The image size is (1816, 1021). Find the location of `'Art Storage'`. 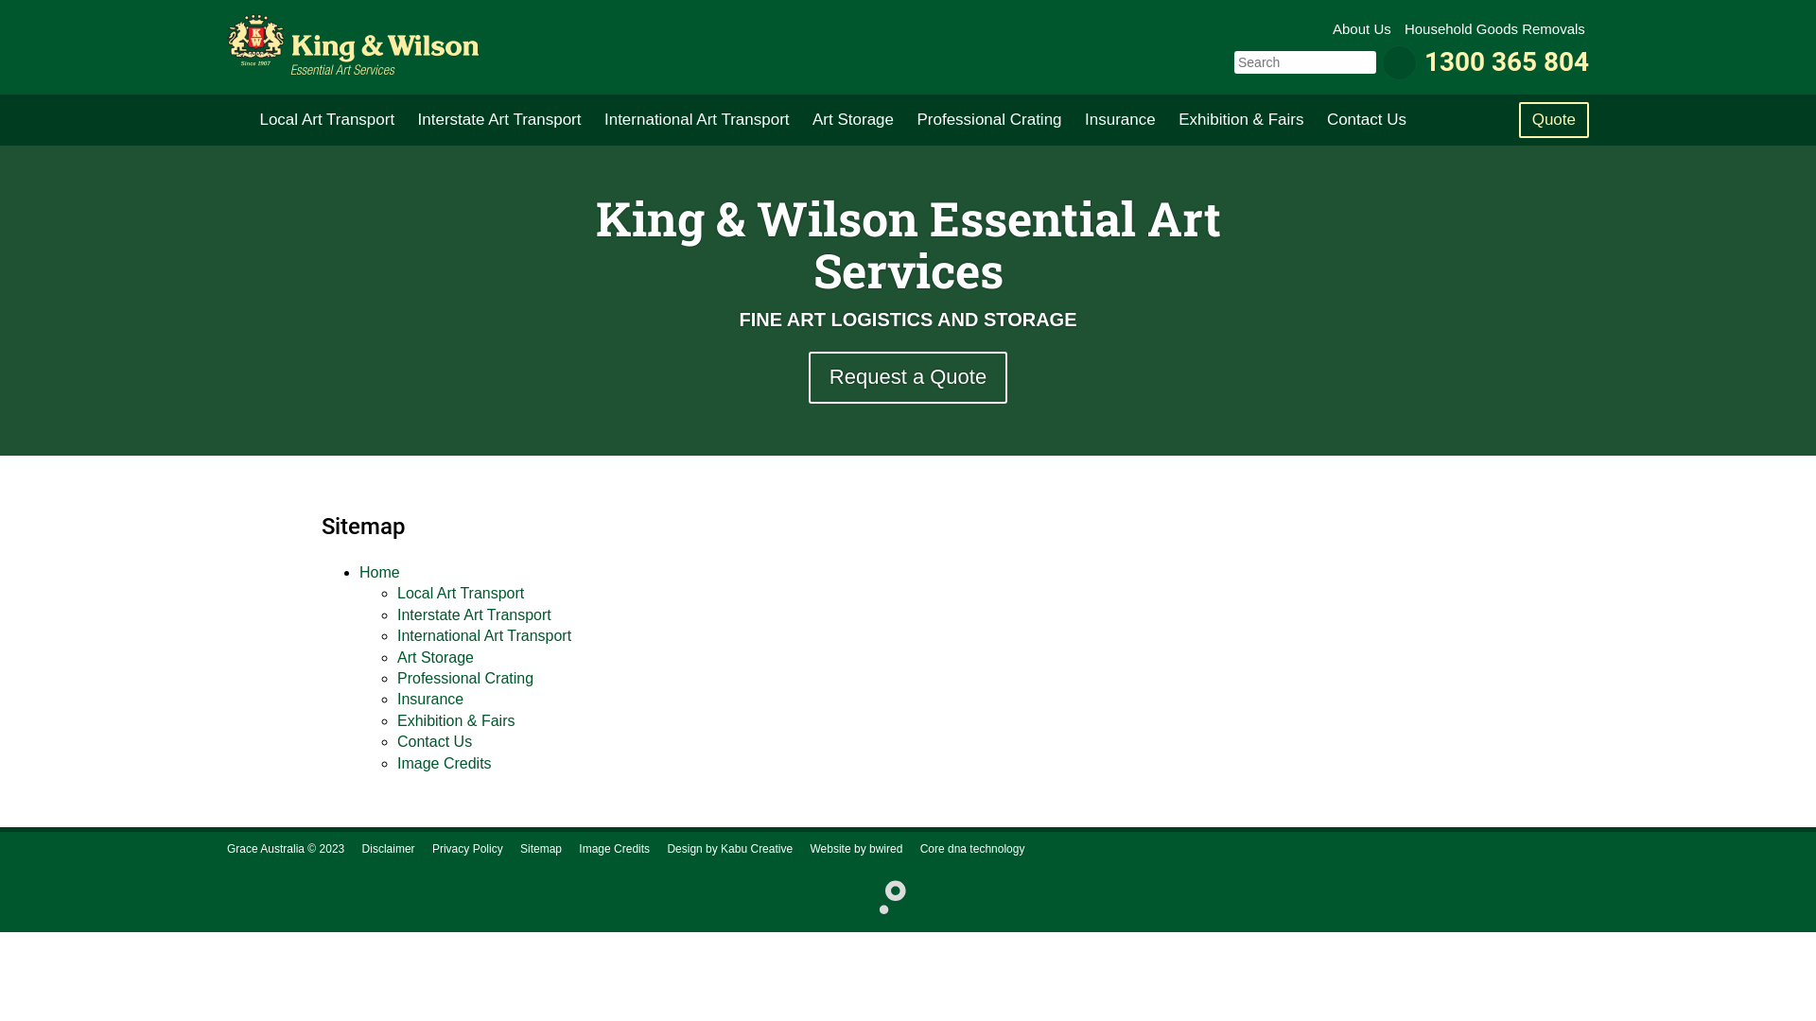

'Art Storage' is located at coordinates (396, 656).